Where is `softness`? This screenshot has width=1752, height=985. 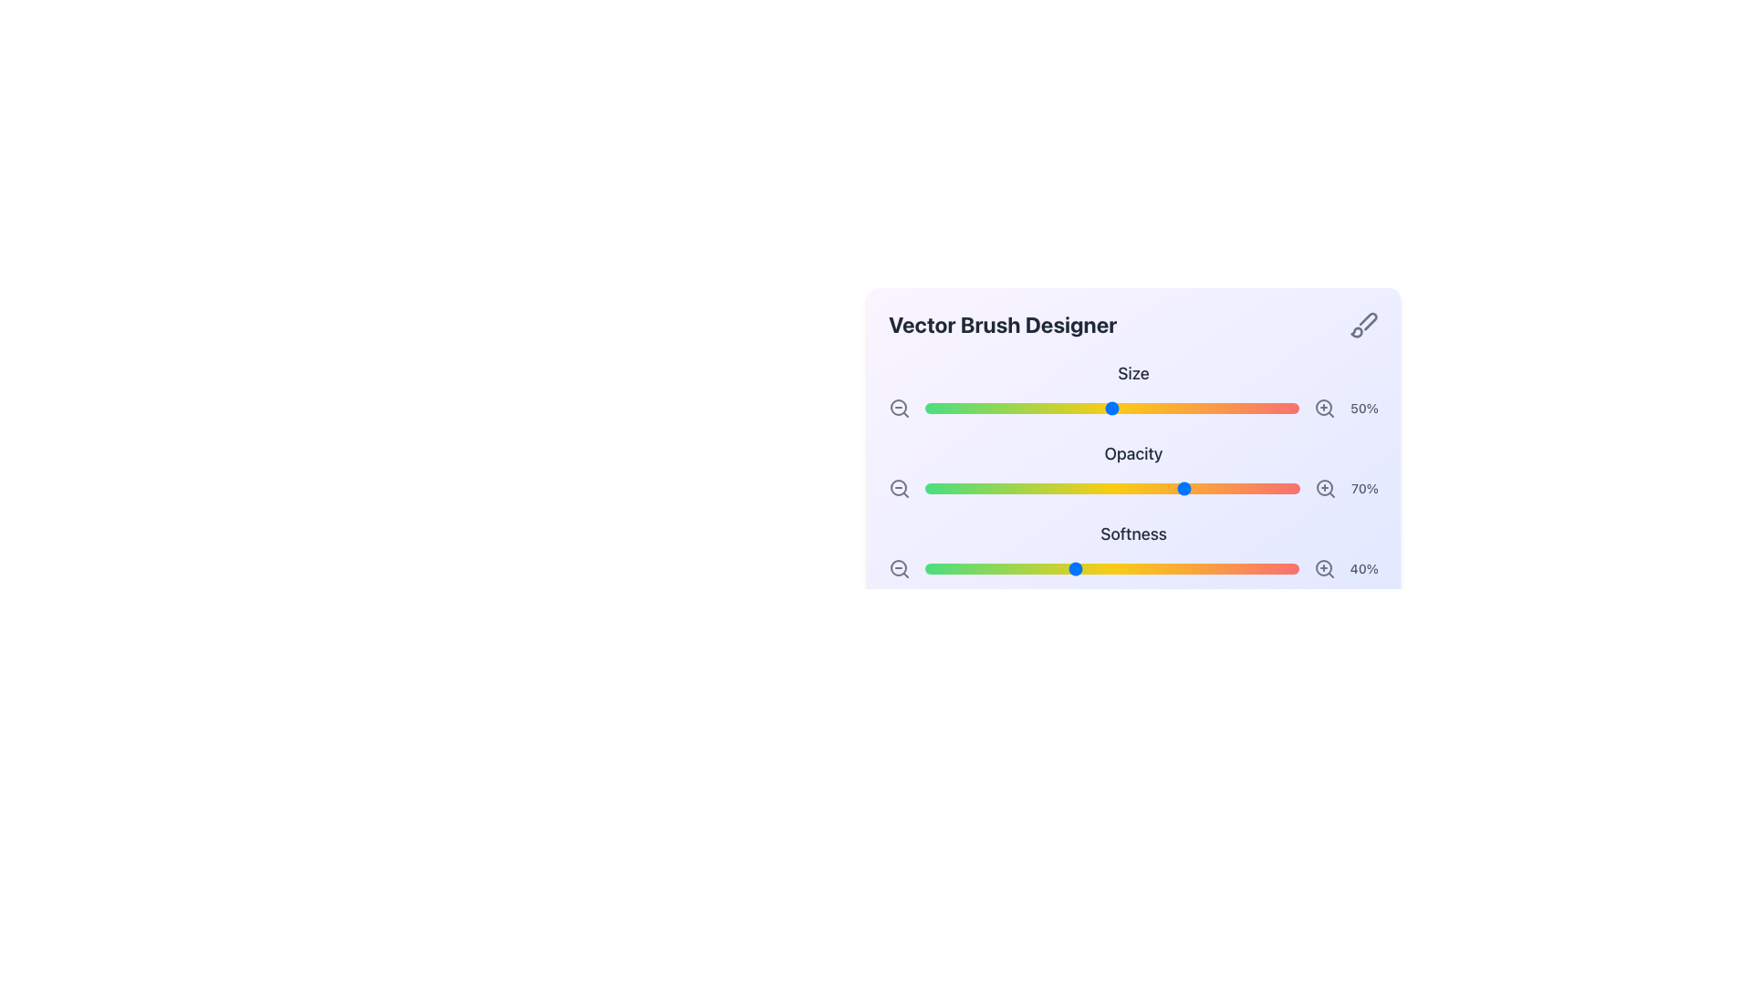
softness is located at coordinates (998, 568).